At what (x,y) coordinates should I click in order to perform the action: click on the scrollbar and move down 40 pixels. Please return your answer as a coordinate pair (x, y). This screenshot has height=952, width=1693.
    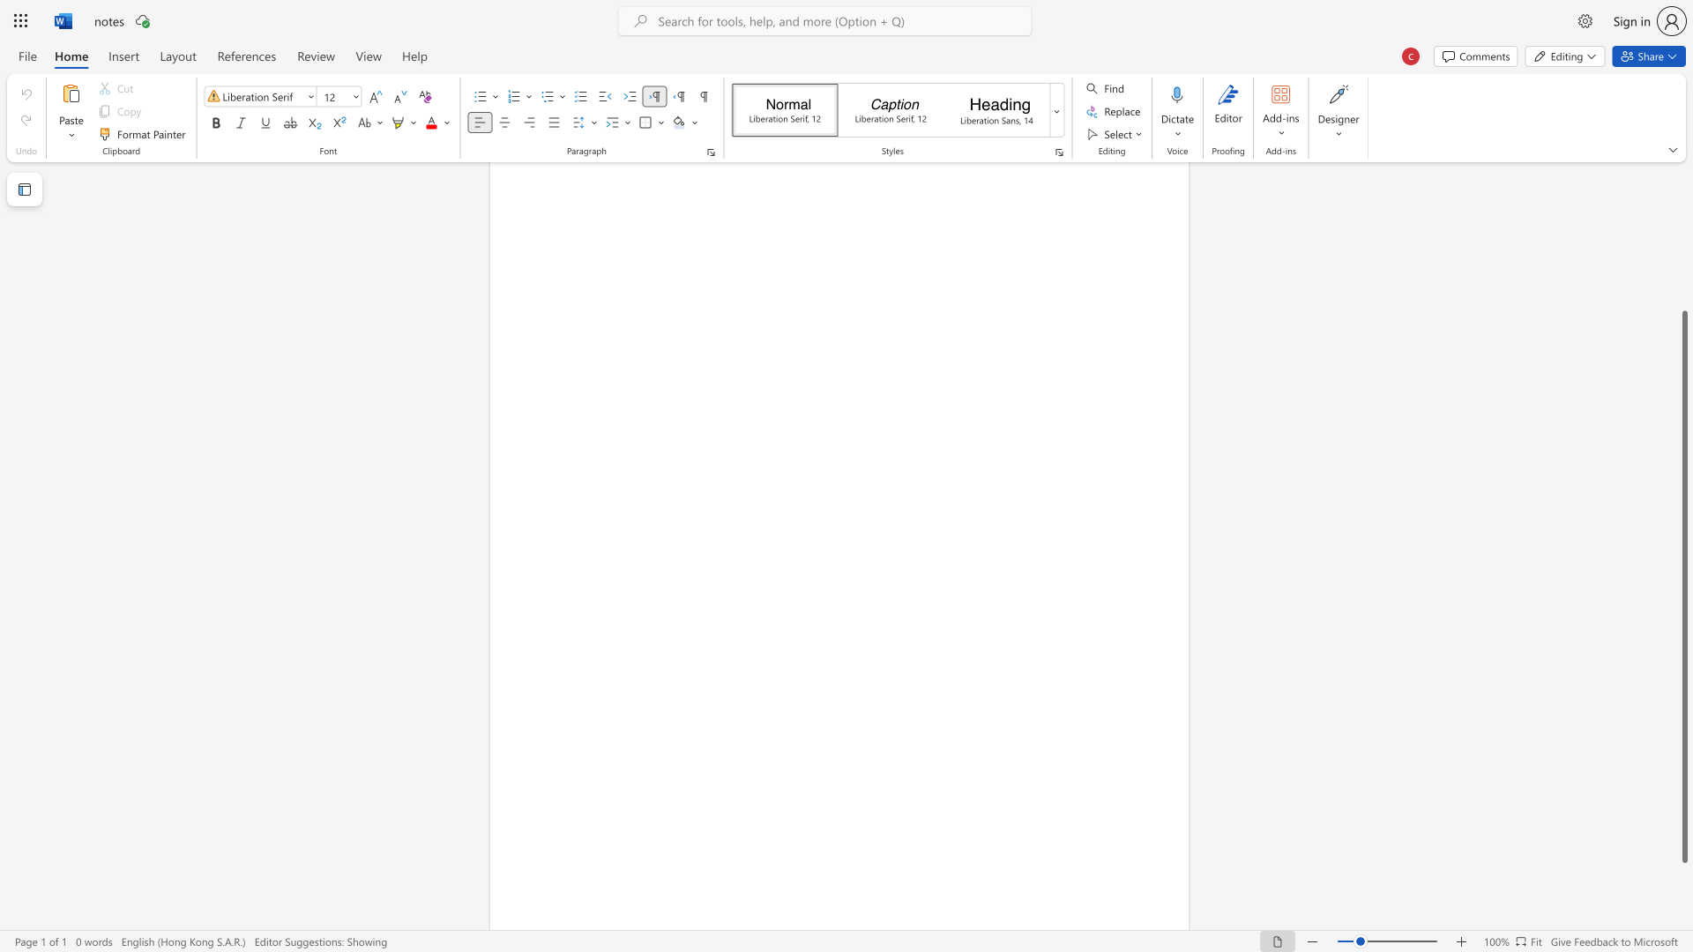
    Looking at the image, I should click on (1683, 587).